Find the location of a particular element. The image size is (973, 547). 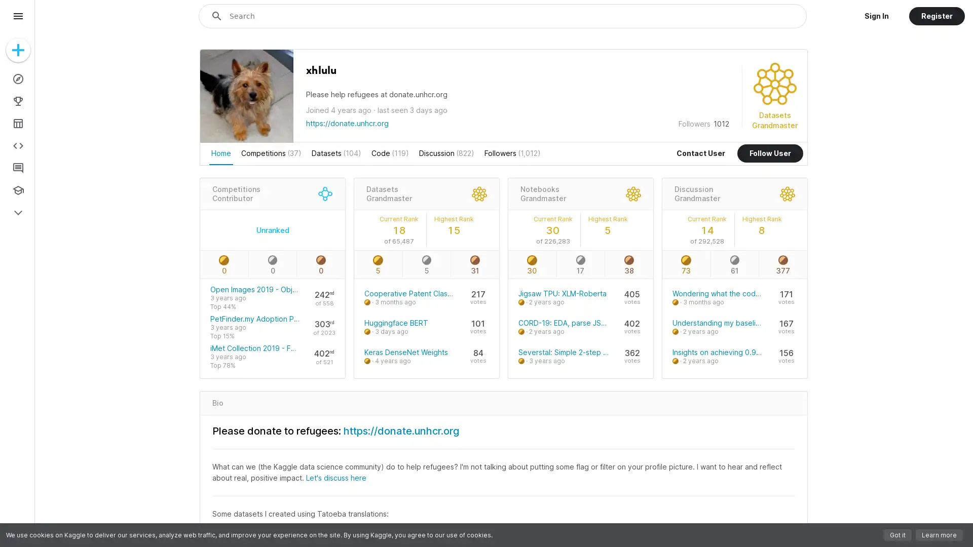

image-url is located at coordinates (246, 138).